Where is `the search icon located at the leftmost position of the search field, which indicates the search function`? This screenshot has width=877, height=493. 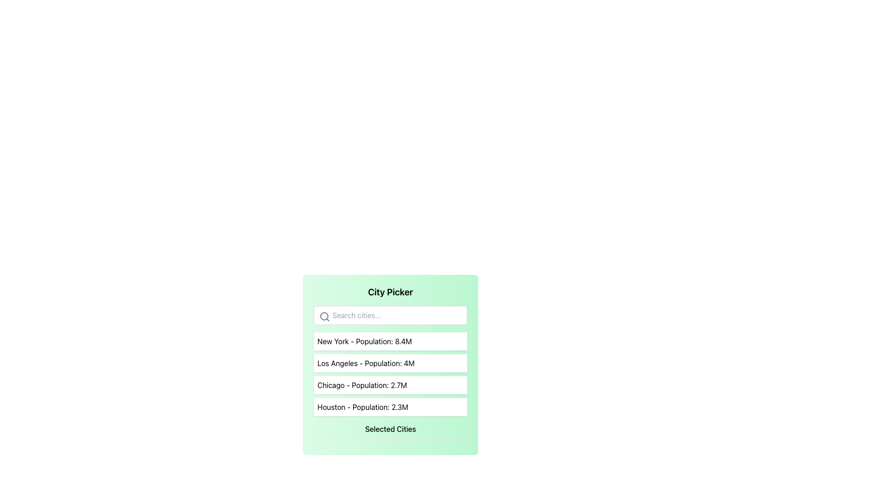 the search icon located at the leftmost position of the search field, which indicates the search function is located at coordinates (324, 316).